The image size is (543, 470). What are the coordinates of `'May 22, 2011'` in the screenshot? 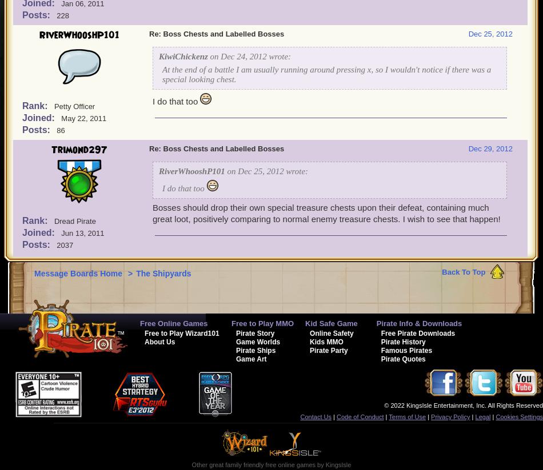 It's located at (83, 118).